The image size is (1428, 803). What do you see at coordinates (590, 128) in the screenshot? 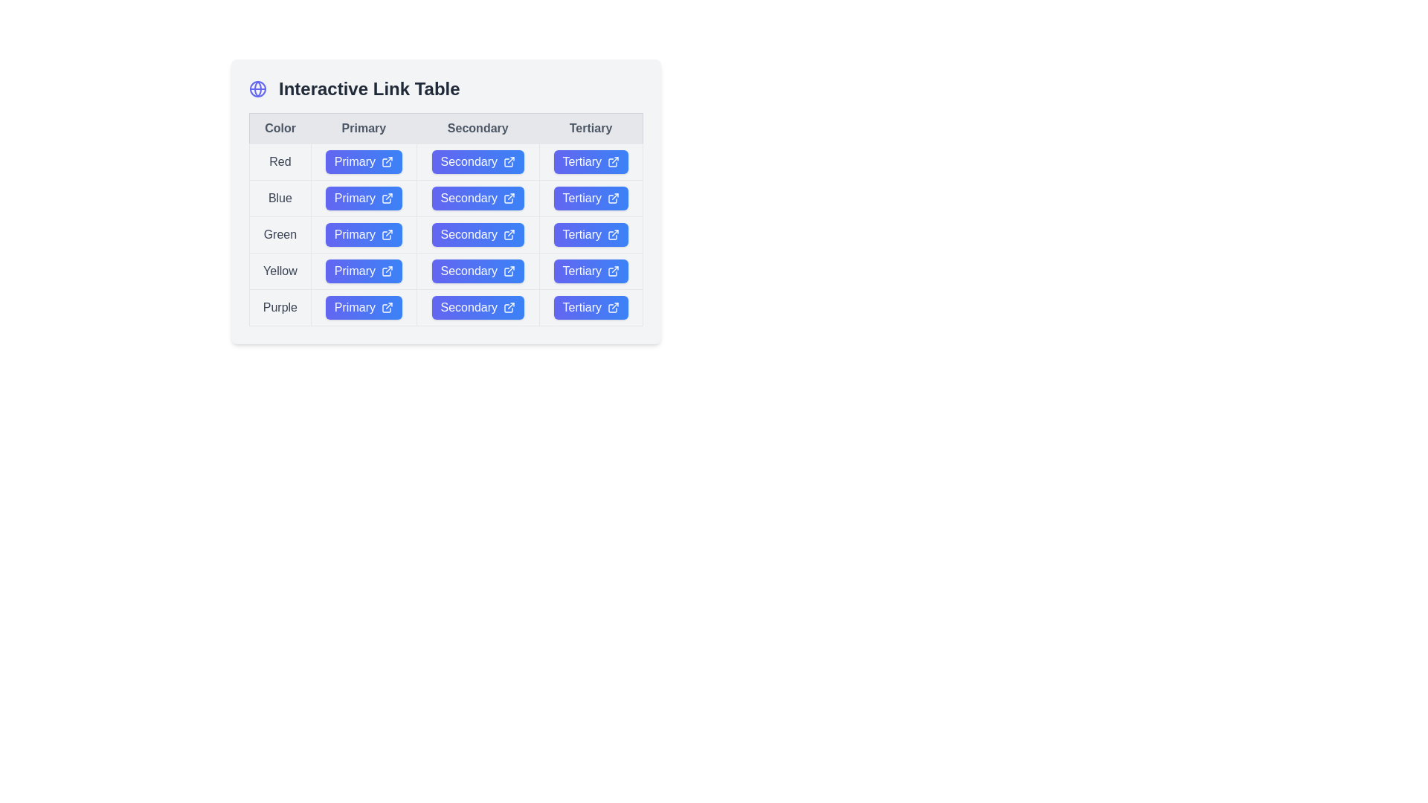
I see `the text label 'Tertiary', which is the last item in a row of four text labels at the top of a table structure` at bounding box center [590, 128].